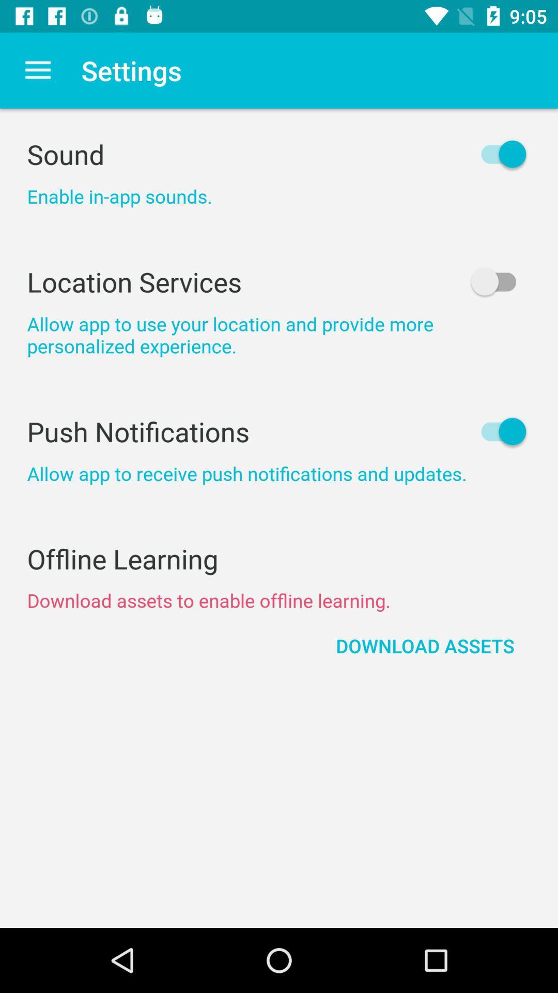 The image size is (558, 993). Describe the element at coordinates (279, 281) in the screenshot. I see `the icon below the enable in app icon` at that location.